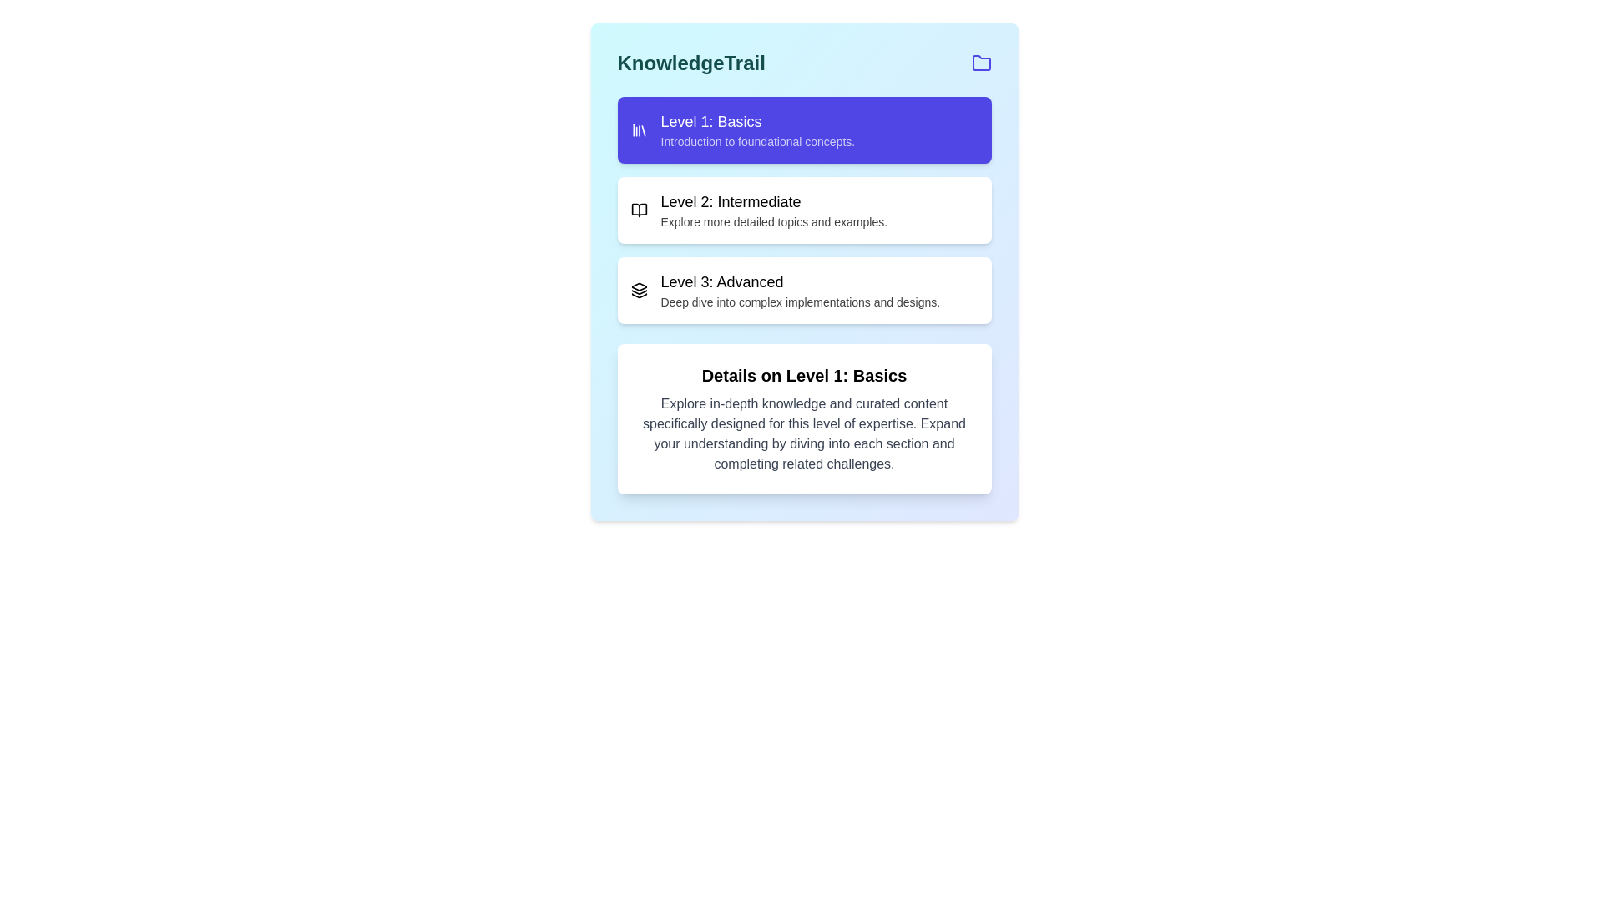 The width and height of the screenshot is (1603, 902). What do you see at coordinates (981, 63) in the screenshot?
I see `the folder icon located in the top-right corner of the 'KnowledgeTrail' interface` at bounding box center [981, 63].